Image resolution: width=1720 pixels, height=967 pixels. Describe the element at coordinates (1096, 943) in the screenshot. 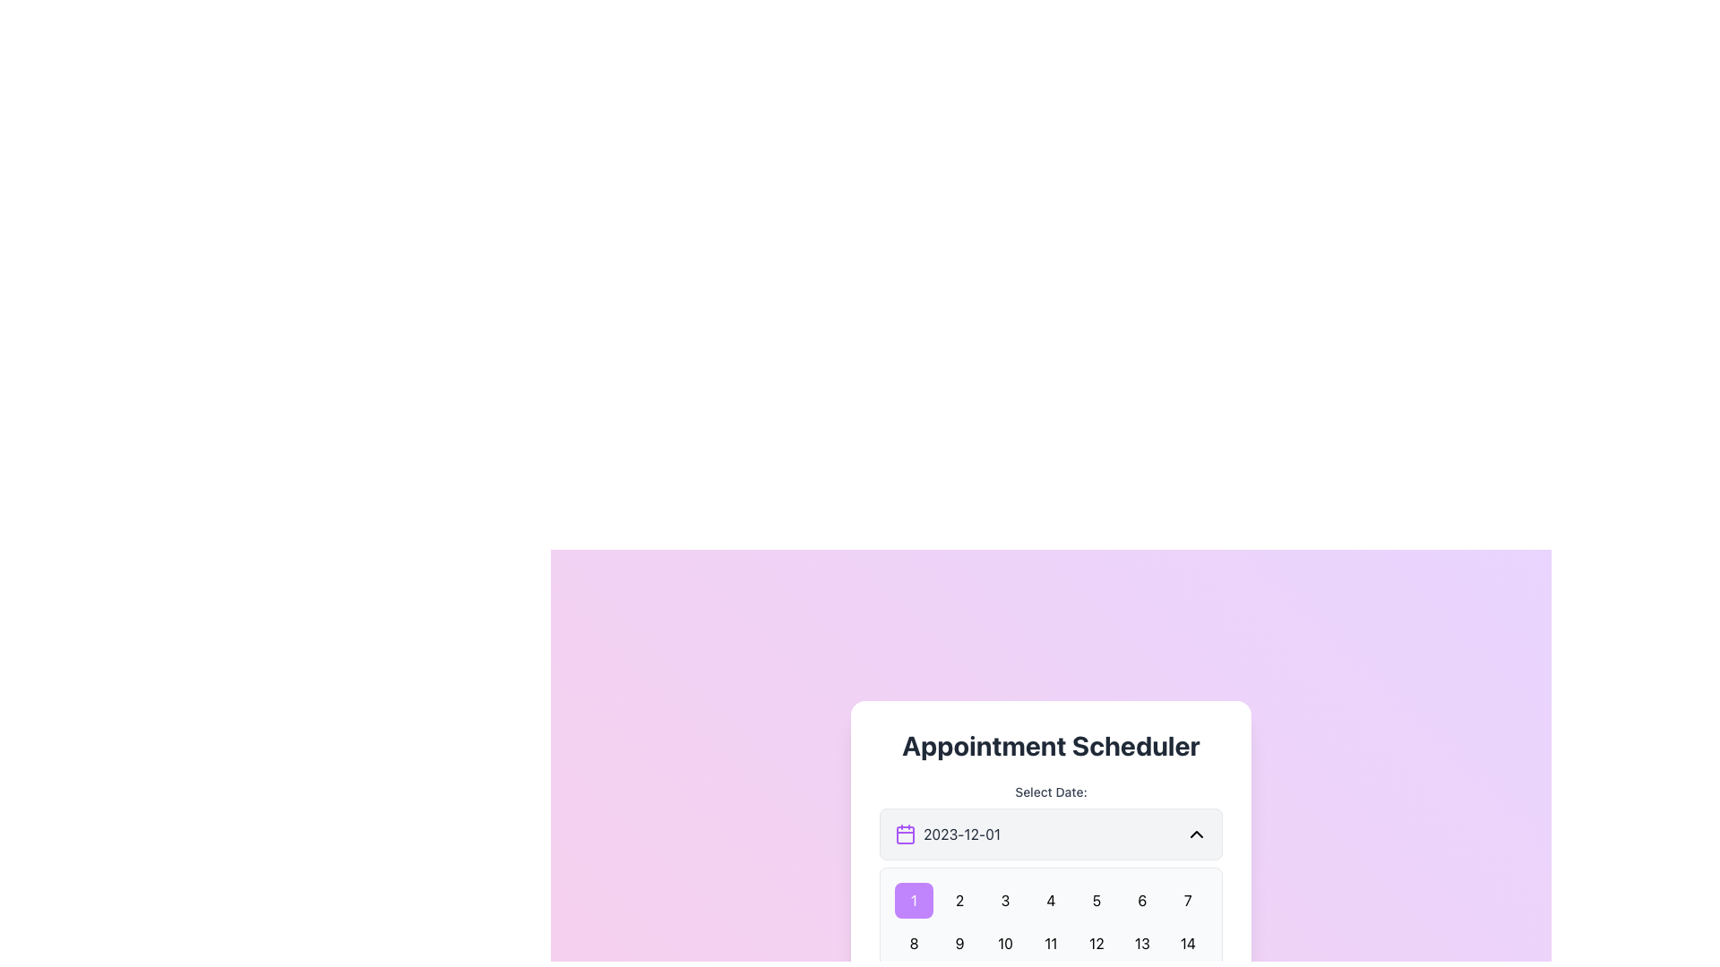

I see `the selectable day button for the 12th day in the calendar interface` at that location.